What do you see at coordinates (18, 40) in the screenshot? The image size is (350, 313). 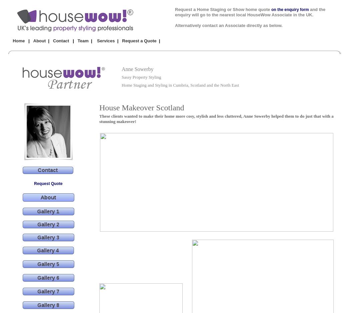 I see `'Home'` at bounding box center [18, 40].